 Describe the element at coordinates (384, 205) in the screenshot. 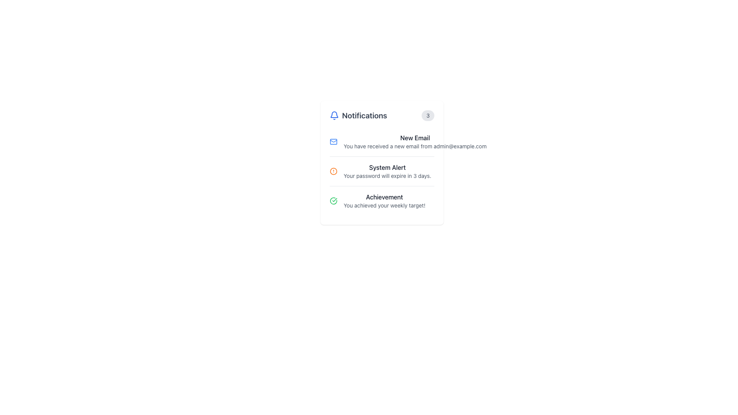

I see `the static text that indicates the user has achieved their weekly target, positioned below the title 'Achievement' in the notifications box` at that location.